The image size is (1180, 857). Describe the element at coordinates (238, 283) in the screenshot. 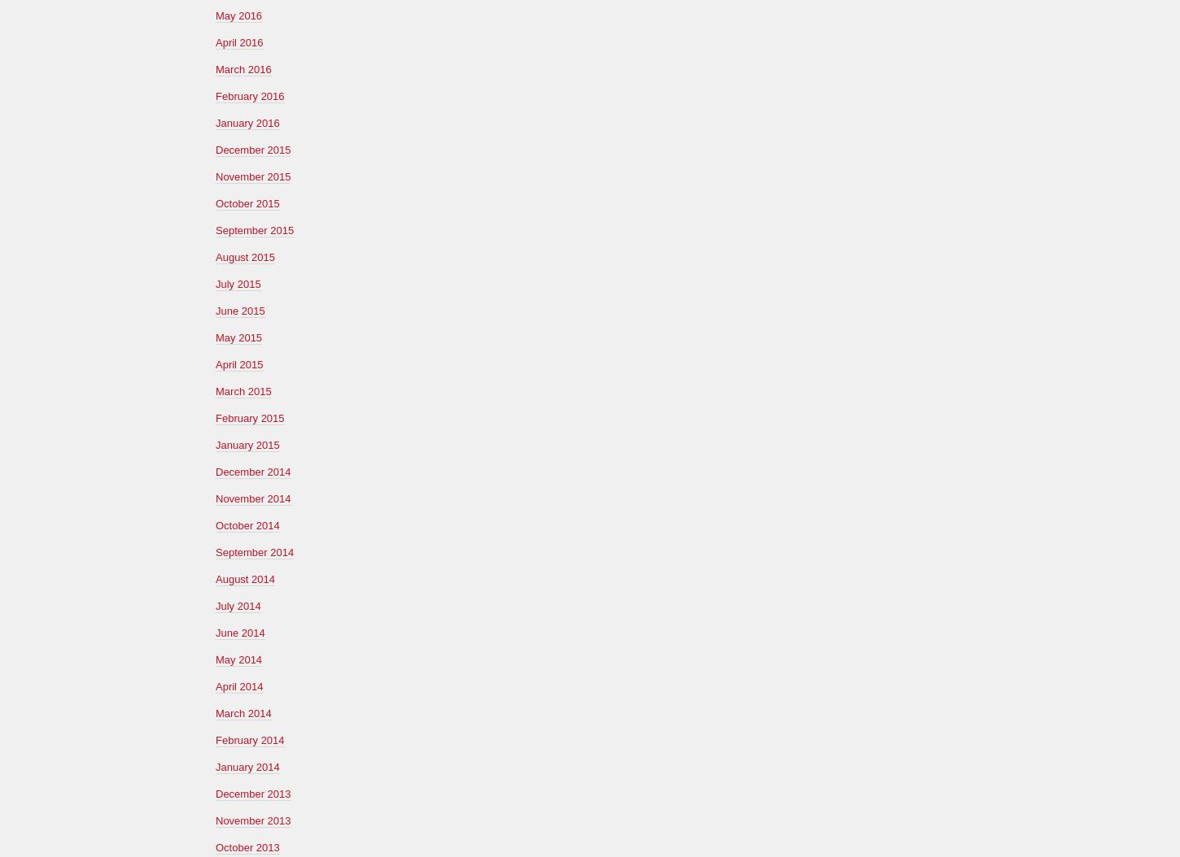

I see `'July 2015'` at that location.